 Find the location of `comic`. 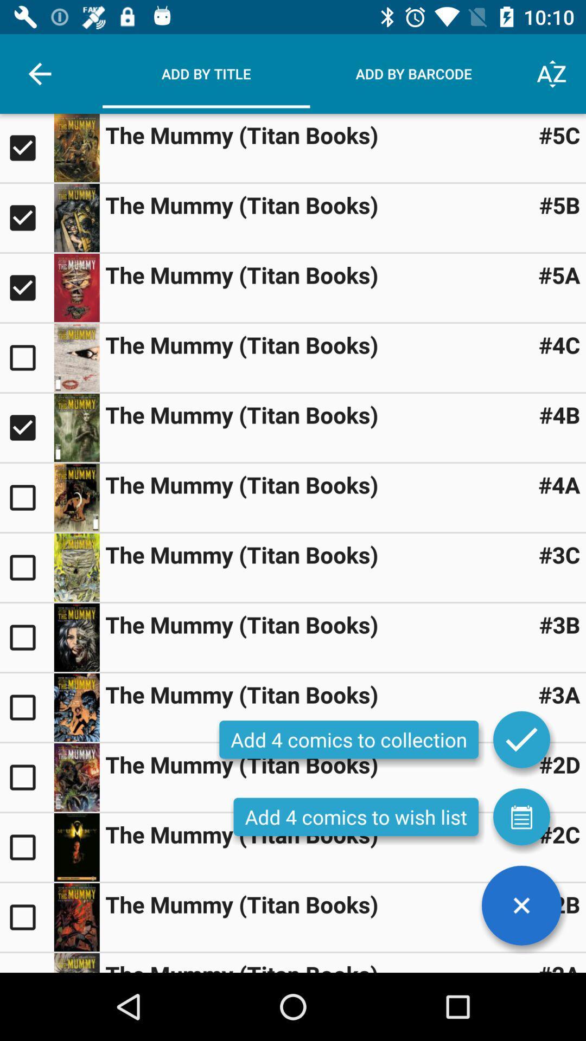

comic is located at coordinates (26, 427).